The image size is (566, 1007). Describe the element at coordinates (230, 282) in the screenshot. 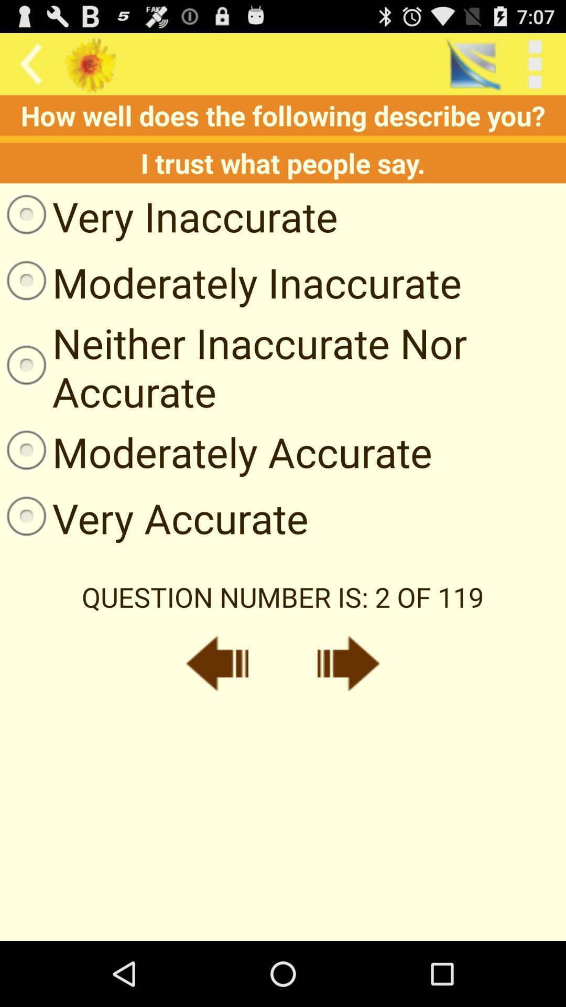

I see `the item below very inaccurate icon` at that location.